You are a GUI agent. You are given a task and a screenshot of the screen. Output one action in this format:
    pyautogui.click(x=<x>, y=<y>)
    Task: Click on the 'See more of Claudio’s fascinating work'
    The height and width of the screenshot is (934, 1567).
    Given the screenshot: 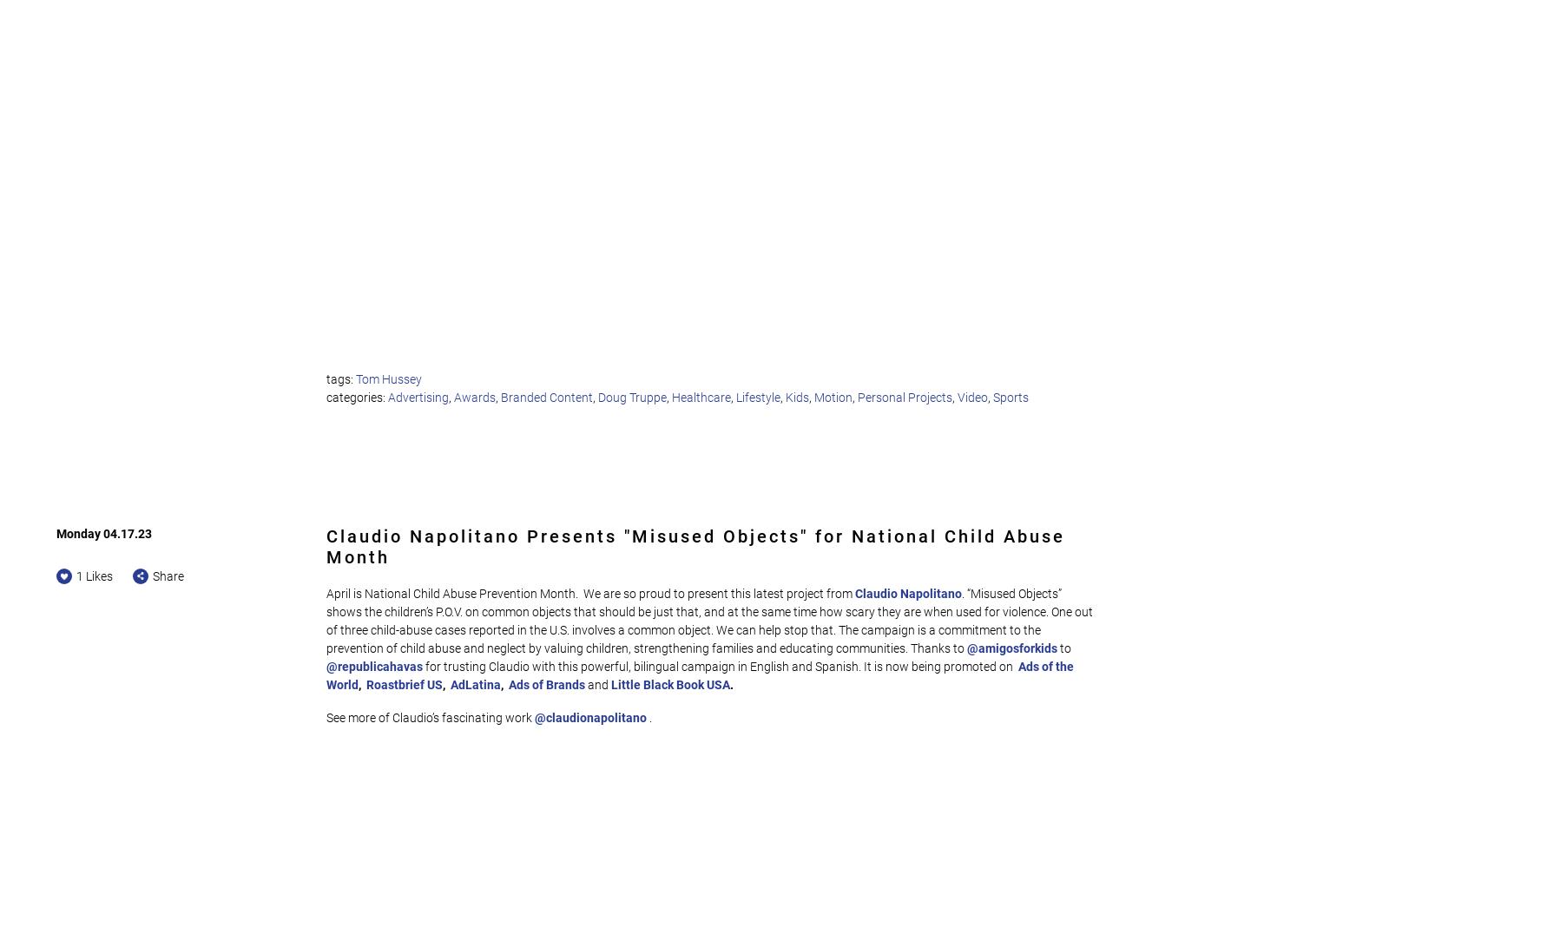 What is the action you would take?
    pyautogui.click(x=431, y=717)
    